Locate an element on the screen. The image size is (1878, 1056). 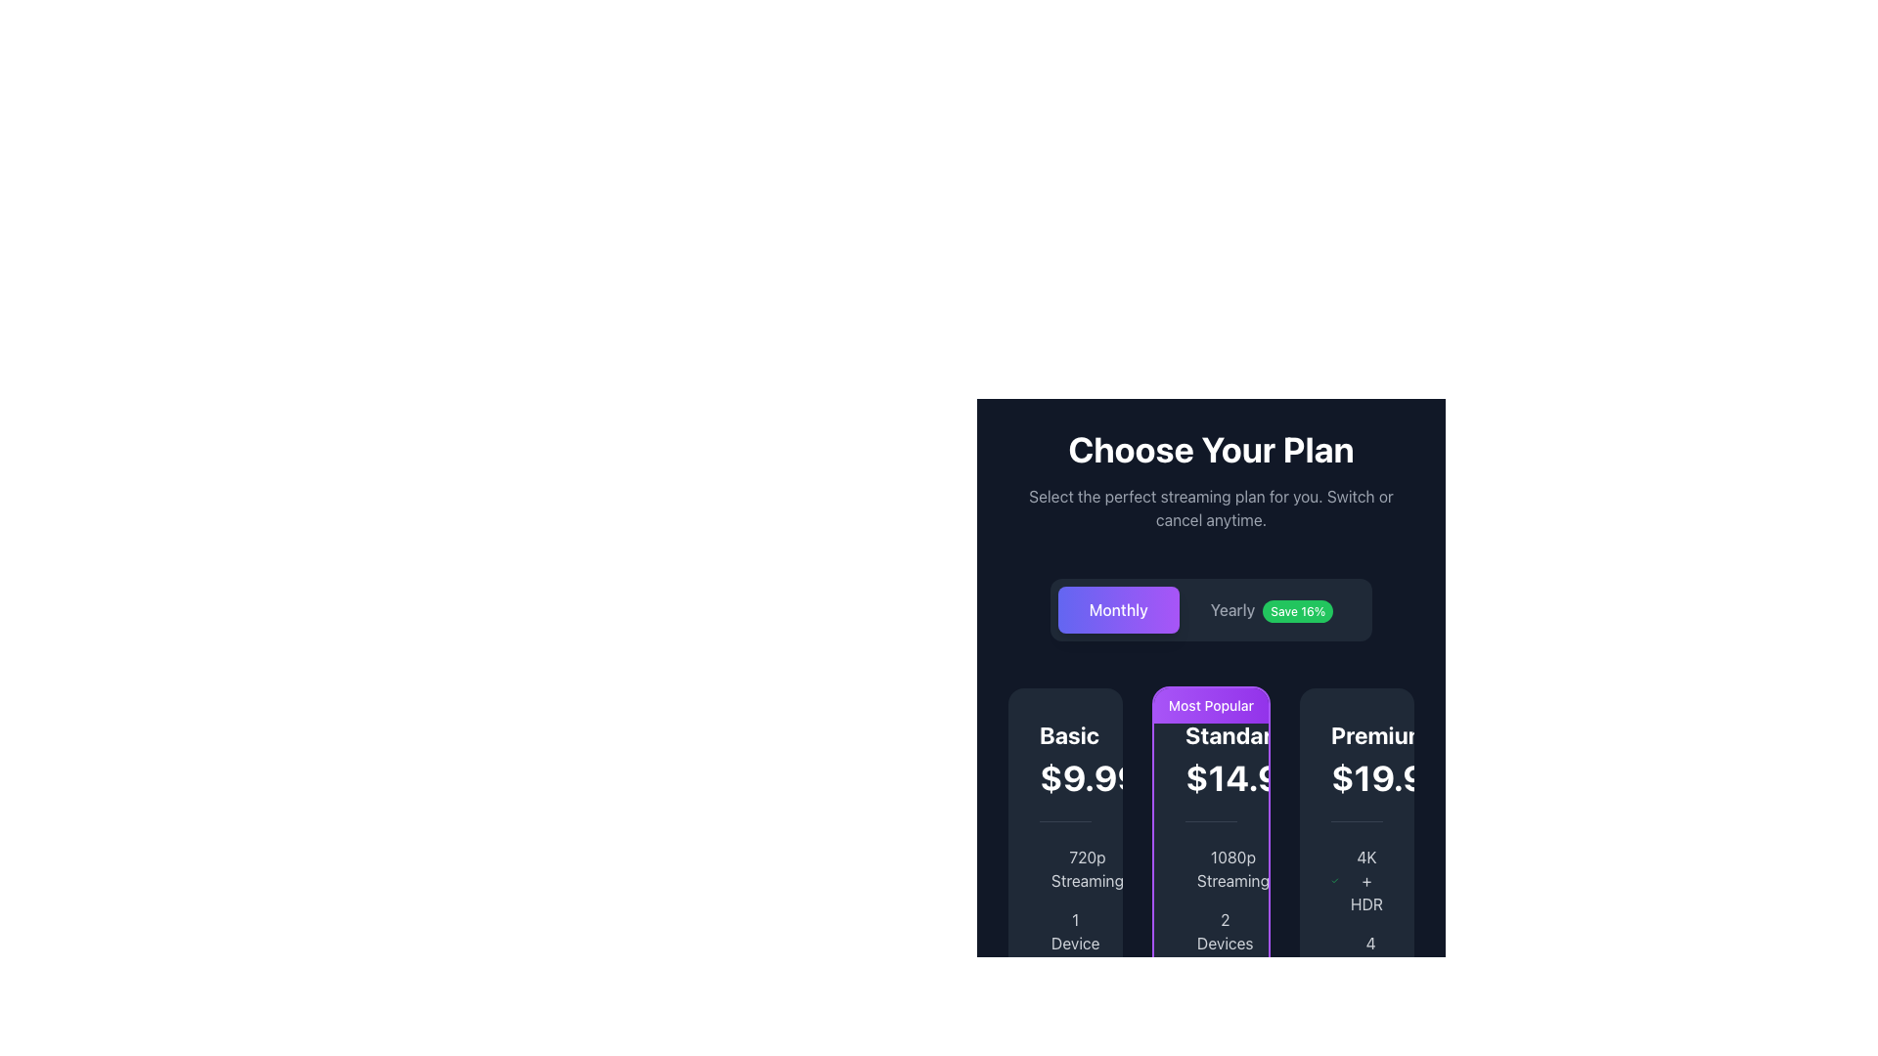
text label displaying 'Basic' which is styled in bold, white, and larger font, located at the top of the first pricing card in the 'Choose Your Plan' section is located at coordinates (1064, 735).